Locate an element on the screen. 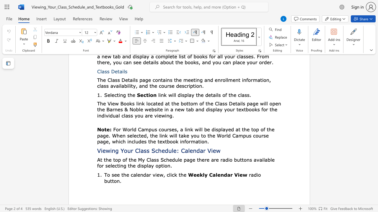 The image size is (378, 212). the 2th character "h" in the text is located at coordinates (132, 160).